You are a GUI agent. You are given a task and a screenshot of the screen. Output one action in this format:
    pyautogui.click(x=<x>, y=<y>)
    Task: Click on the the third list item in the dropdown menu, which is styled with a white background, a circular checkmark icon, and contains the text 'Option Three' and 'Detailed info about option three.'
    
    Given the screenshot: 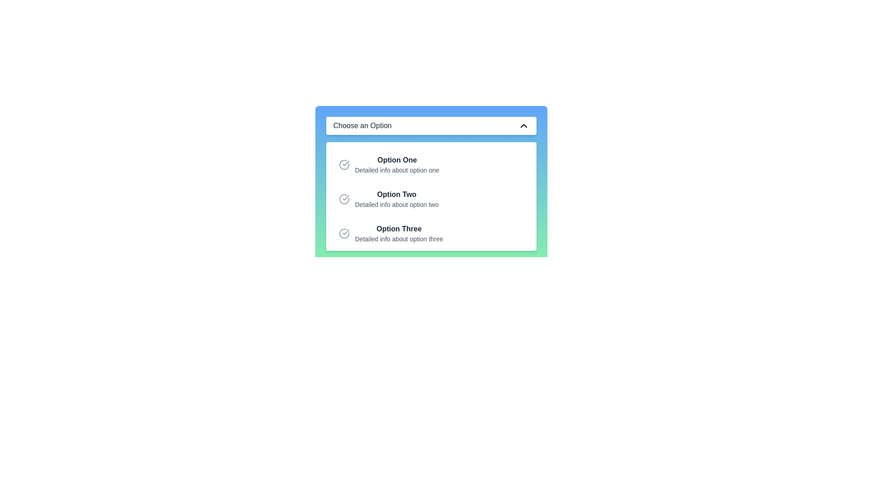 What is the action you would take?
    pyautogui.click(x=430, y=233)
    